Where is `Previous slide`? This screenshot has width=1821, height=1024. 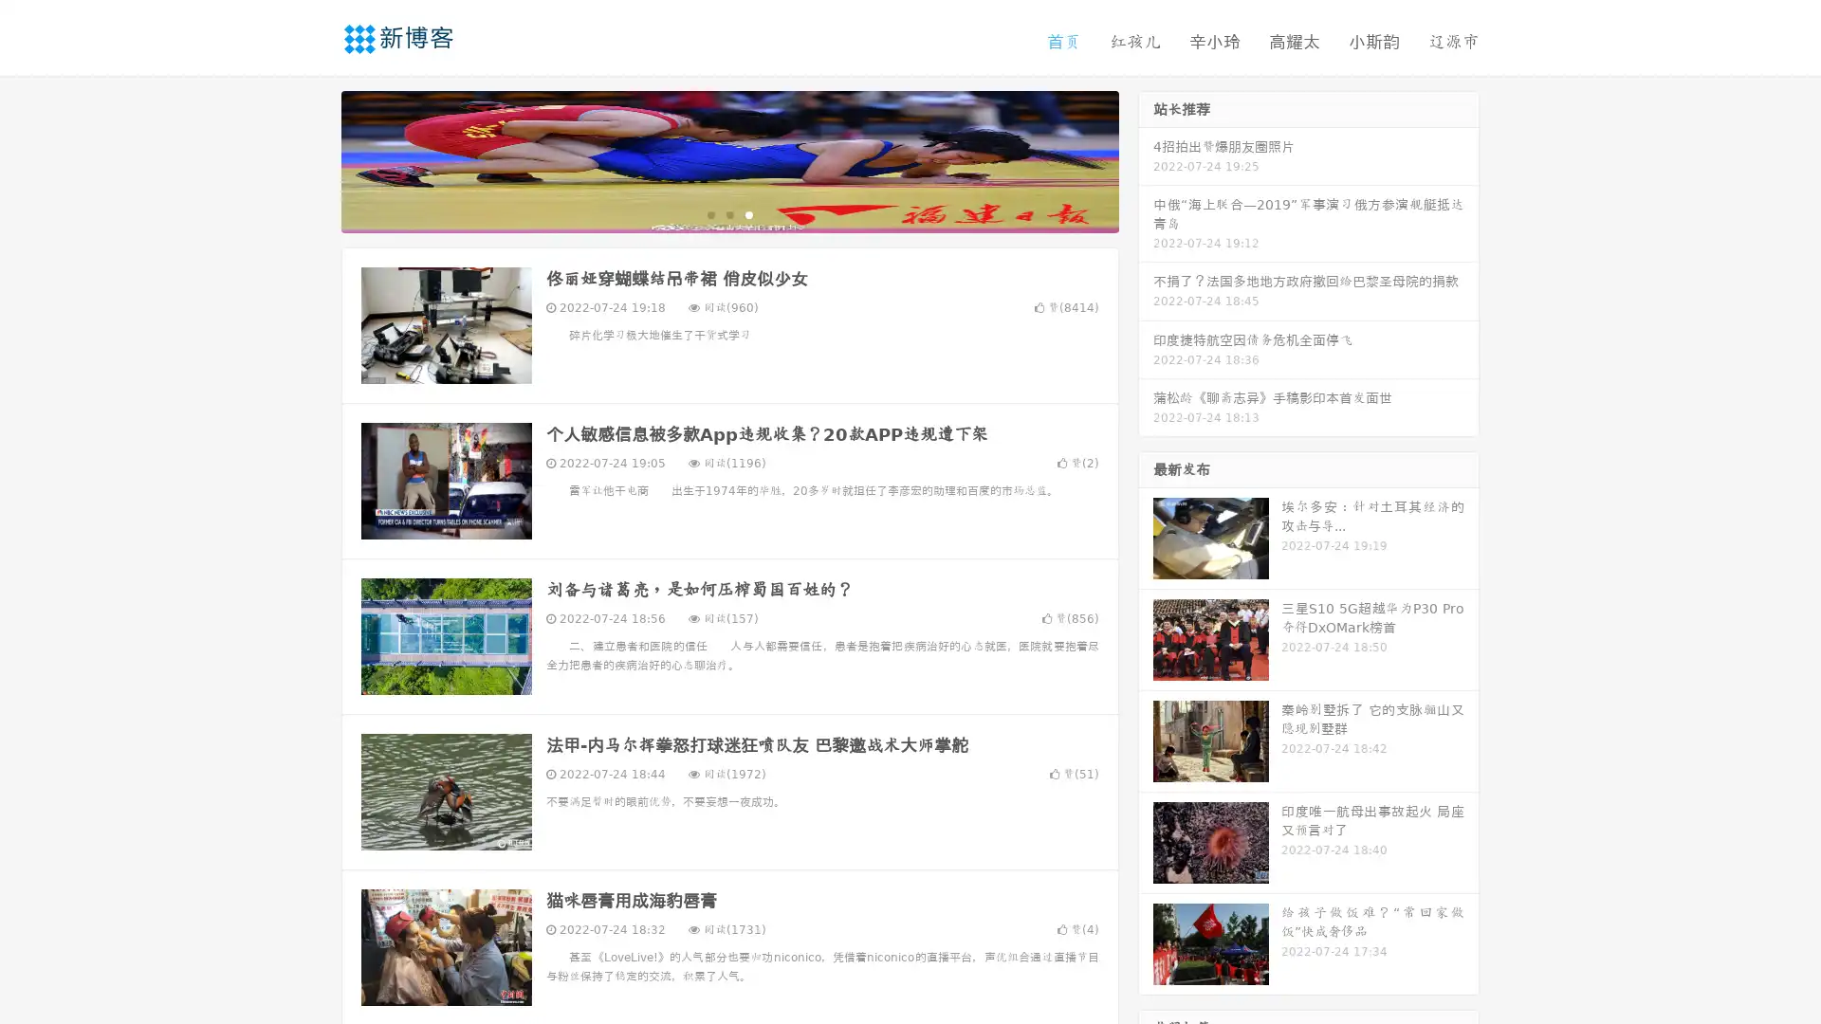 Previous slide is located at coordinates (313, 159).